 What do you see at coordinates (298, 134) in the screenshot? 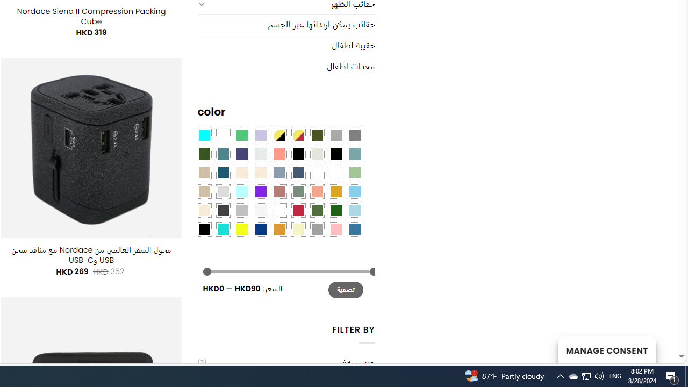
I see `'Yellow-Red'` at bounding box center [298, 134].